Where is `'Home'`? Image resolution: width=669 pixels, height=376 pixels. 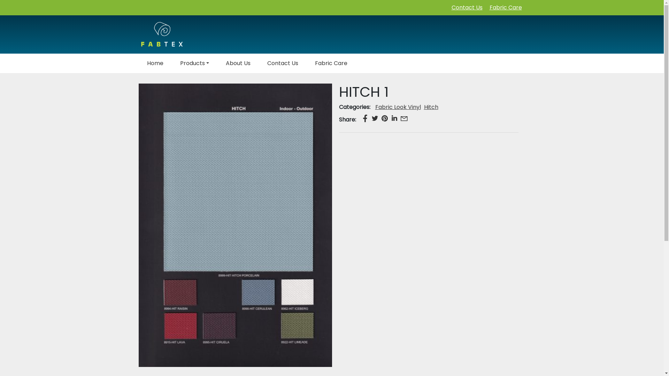
'Home' is located at coordinates (155, 63).